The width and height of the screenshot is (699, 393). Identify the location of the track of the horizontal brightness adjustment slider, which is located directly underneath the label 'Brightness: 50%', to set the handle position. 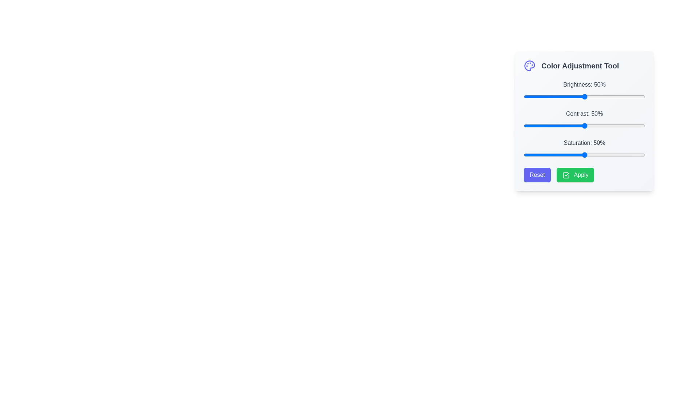
(584, 96).